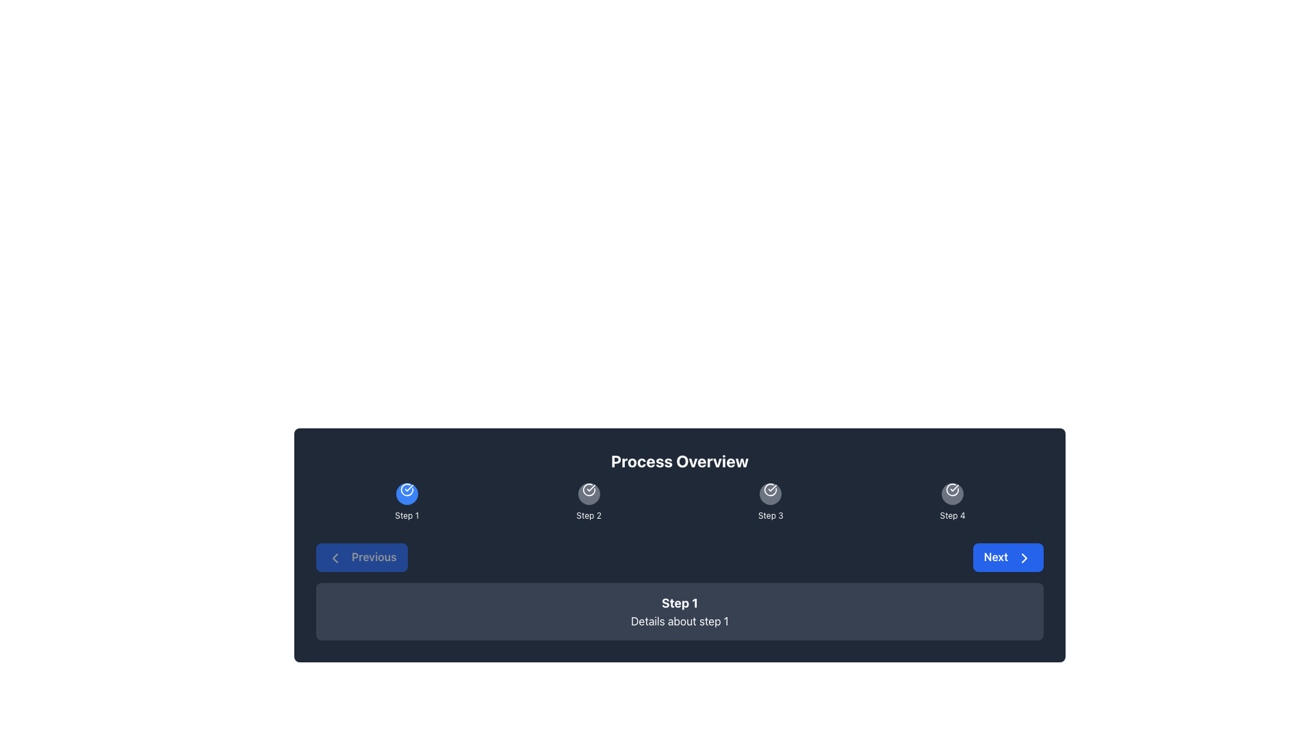  What do you see at coordinates (952, 502) in the screenshot?
I see `the fourth step indicator in the progress step sequence, which features a check mark icon, to indicate its completion status` at bounding box center [952, 502].